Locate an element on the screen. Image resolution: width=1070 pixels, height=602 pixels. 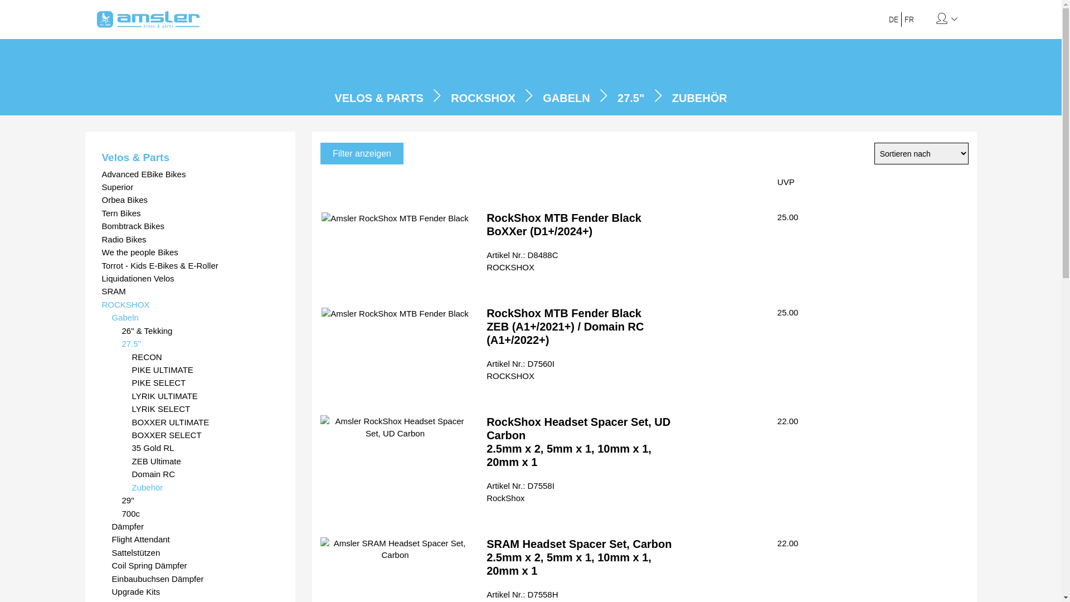
'RockShox MTB Fender Black is located at coordinates (487, 224).